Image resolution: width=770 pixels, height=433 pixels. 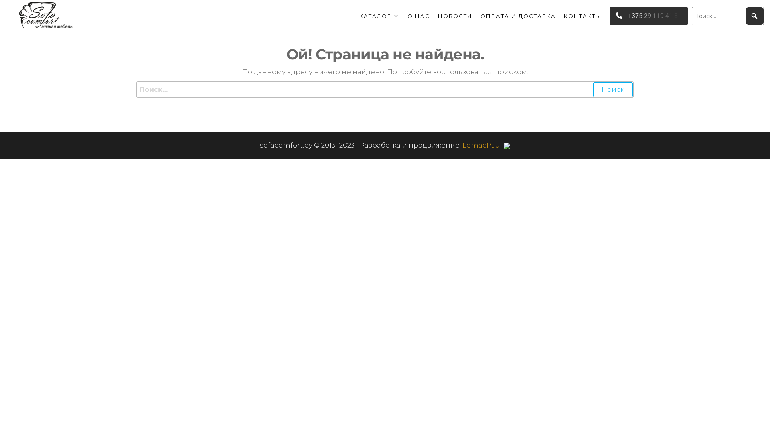 I want to click on '+375 29 119 41 8', so click(x=648, y=16).